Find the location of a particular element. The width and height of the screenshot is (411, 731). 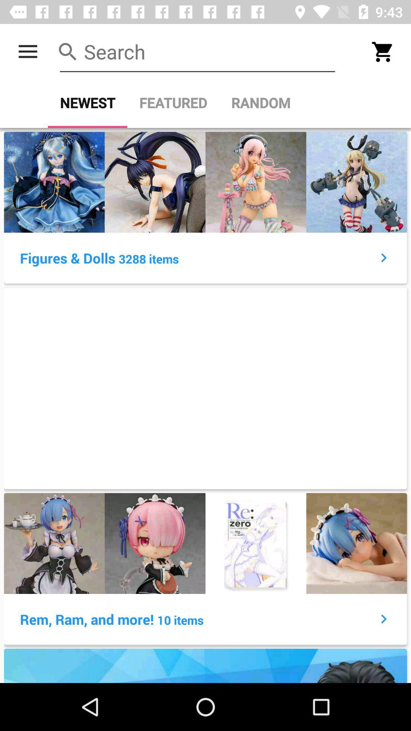

icon above the newest item is located at coordinates (27, 51).